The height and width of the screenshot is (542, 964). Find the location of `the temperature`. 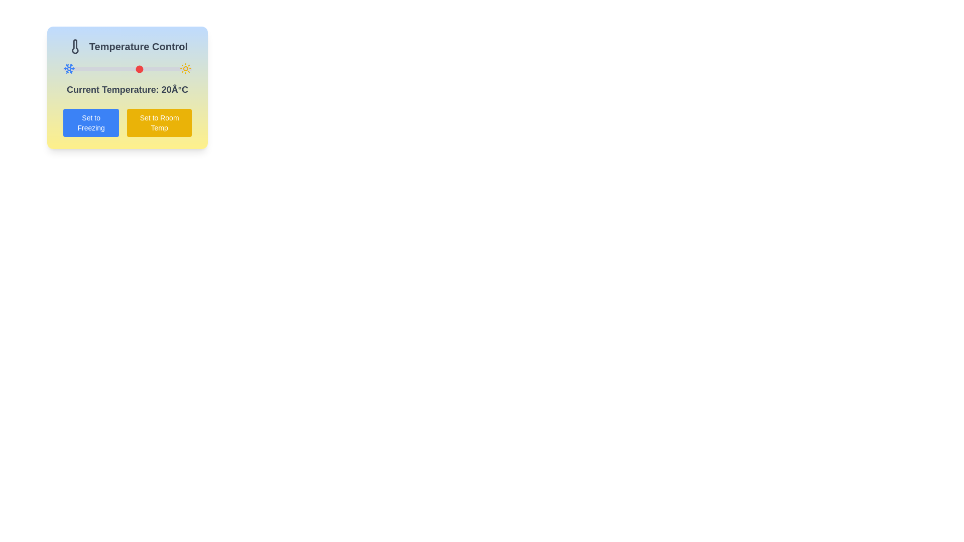

the temperature is located at coordinates (86, 69).